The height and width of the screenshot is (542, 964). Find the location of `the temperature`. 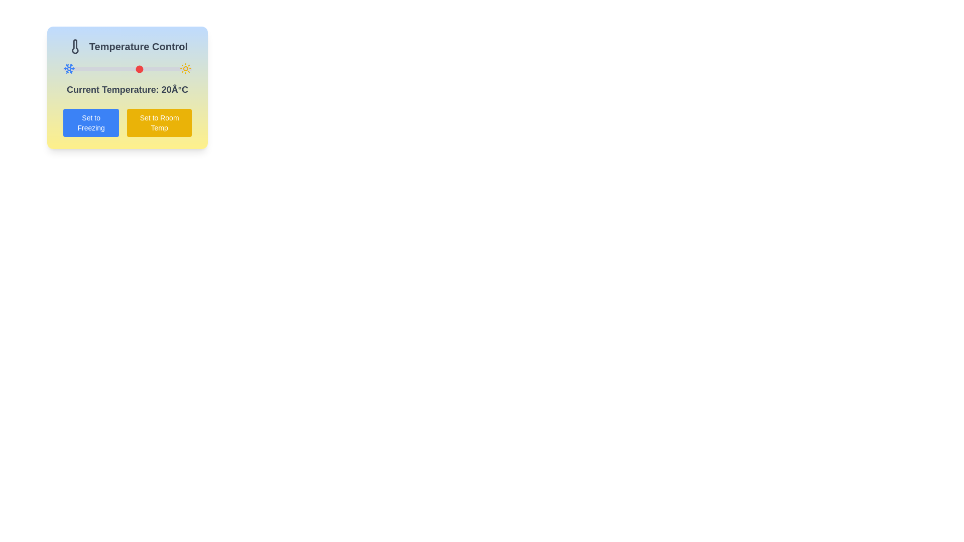

the temperature is located at coordinates (86, 69).